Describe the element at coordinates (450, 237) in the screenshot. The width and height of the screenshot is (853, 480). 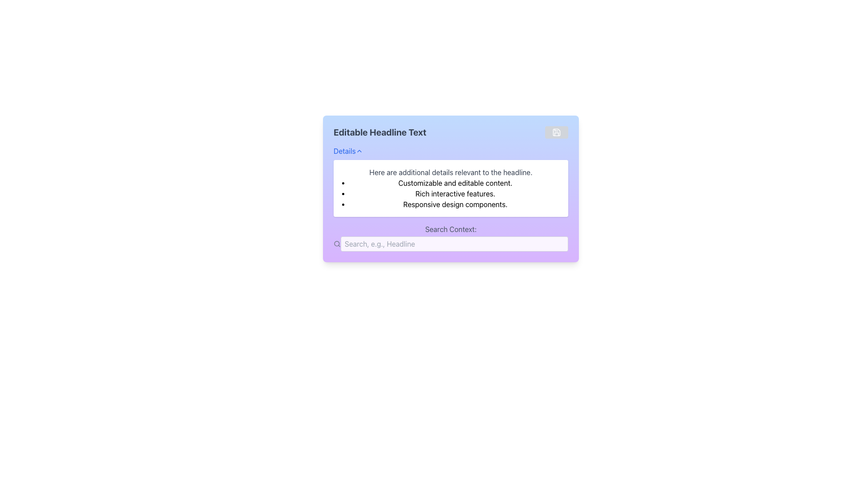
I see `the label positioned beneath 'Editable Headline Text' and above the search input box, which serves as a context title for the input field` at that location.